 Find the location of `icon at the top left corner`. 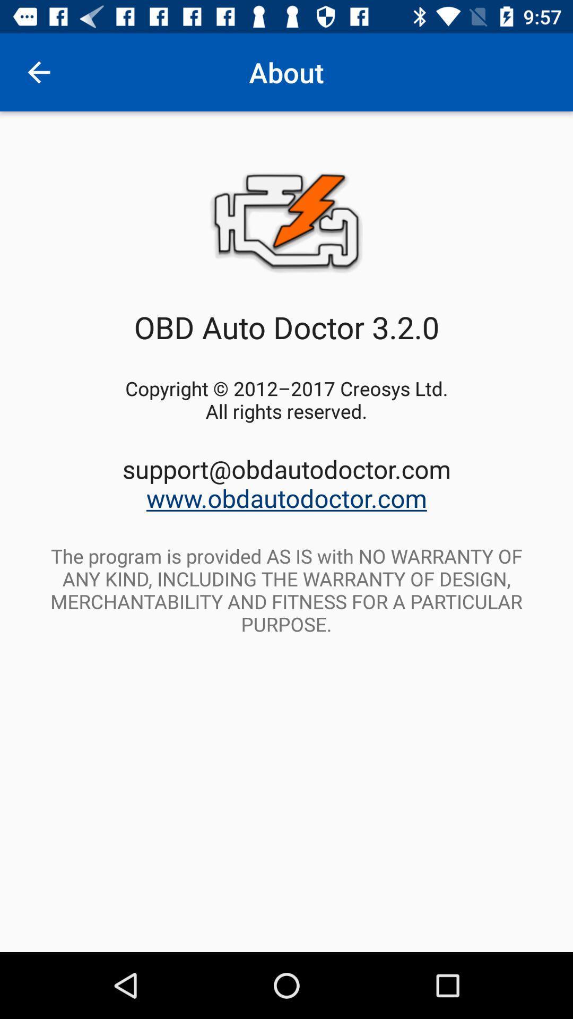

icon at the top left corner is located at coordinates (38, 72).